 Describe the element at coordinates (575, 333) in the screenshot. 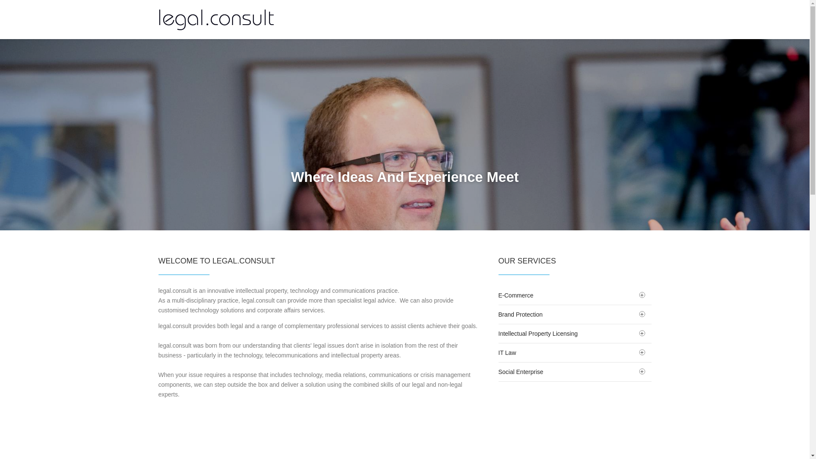

I see `'Intellectual Property Licensing'` at that location.